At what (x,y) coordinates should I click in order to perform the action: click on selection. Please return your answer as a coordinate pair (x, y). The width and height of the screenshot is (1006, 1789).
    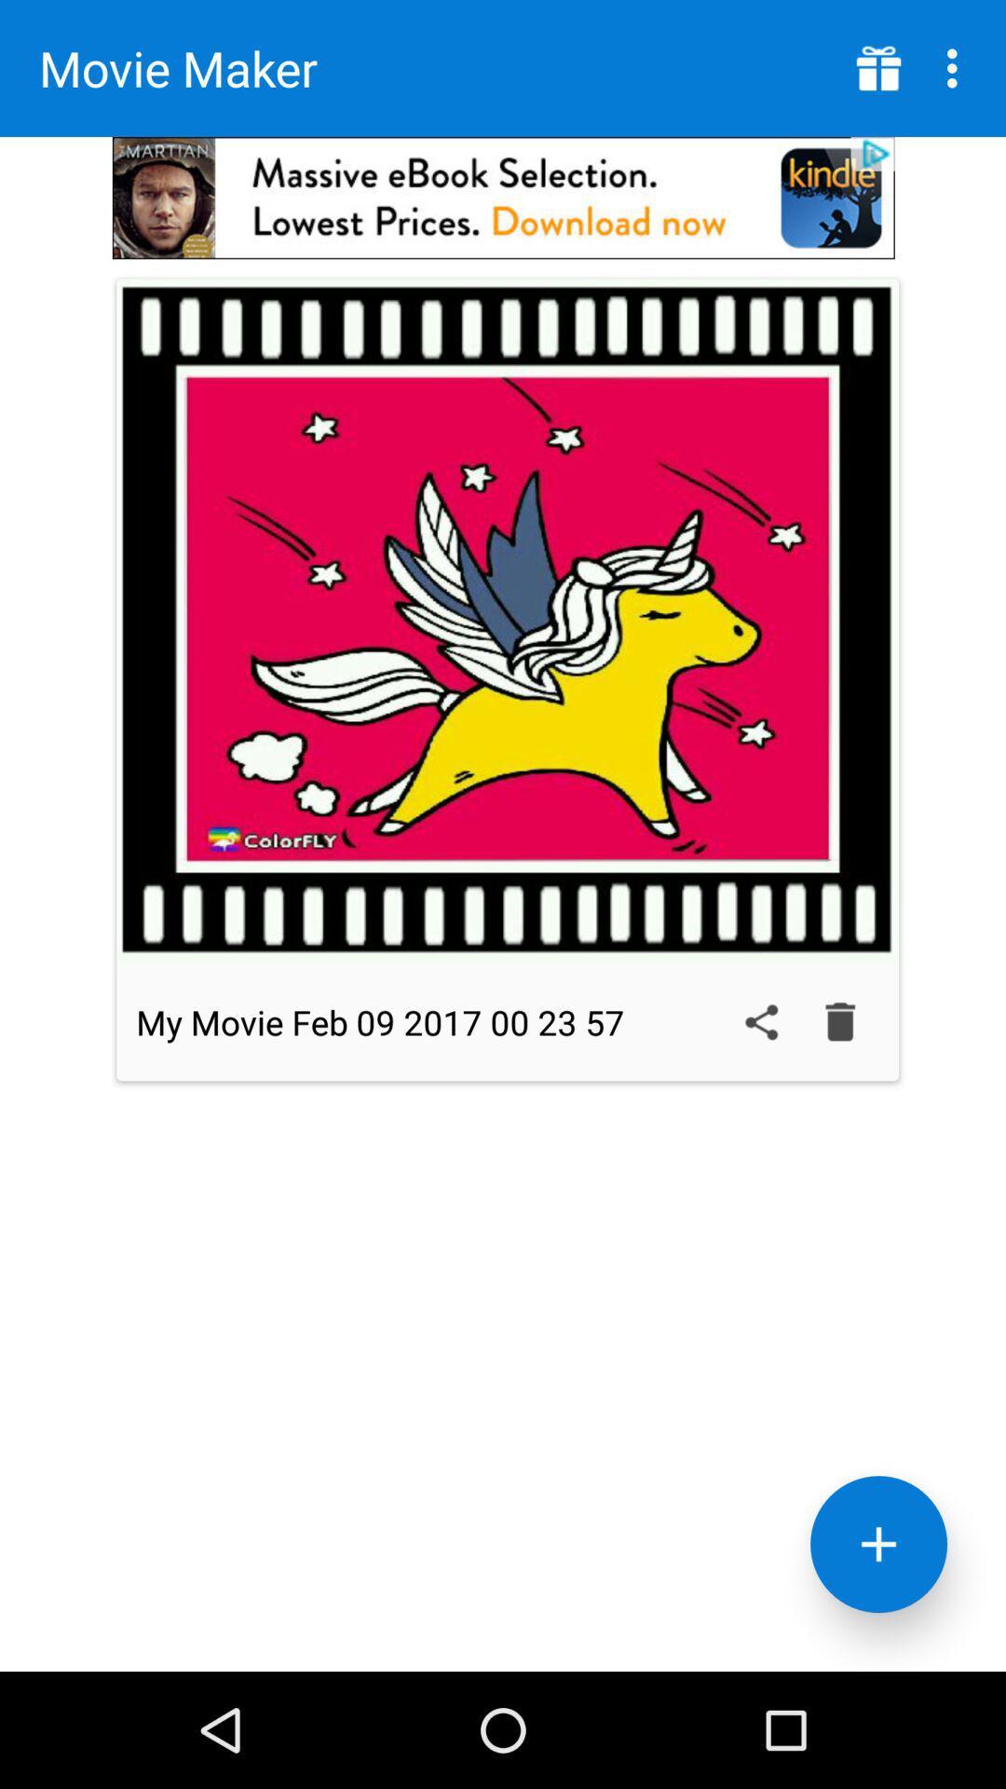
    Looking at the image, I should click on (878, 1544).